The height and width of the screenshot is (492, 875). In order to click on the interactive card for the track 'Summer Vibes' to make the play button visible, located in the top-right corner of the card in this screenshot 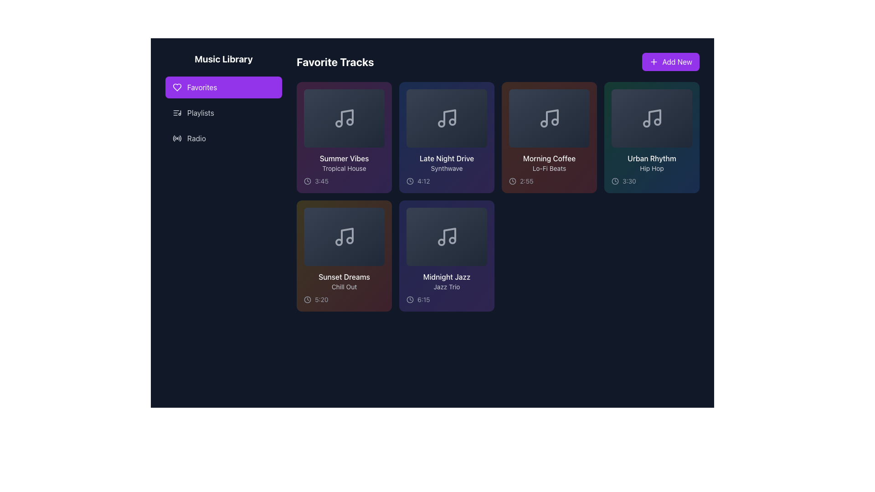, I will do `click(379, 95)`.